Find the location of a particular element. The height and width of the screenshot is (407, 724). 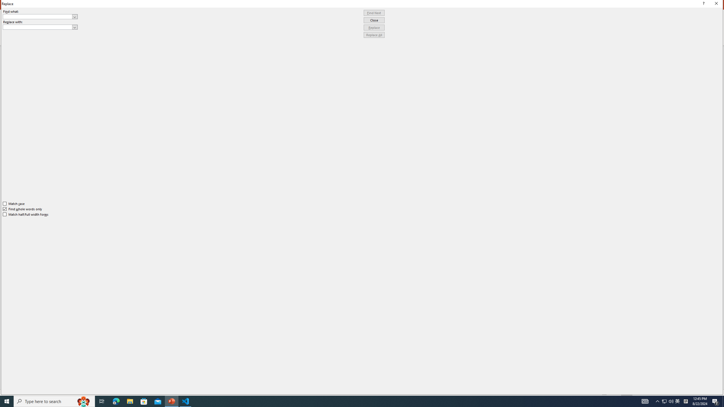

'Replace' is located at coordinates (374, 27).